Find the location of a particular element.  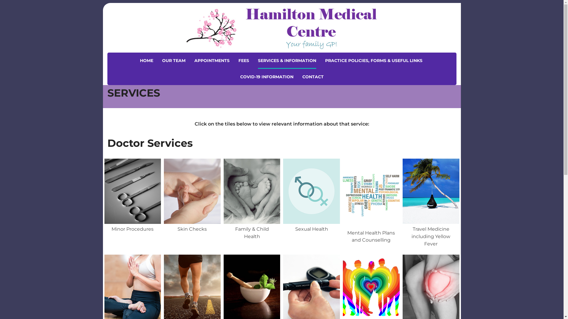

'HOME' is located at coordinates (146, 61).